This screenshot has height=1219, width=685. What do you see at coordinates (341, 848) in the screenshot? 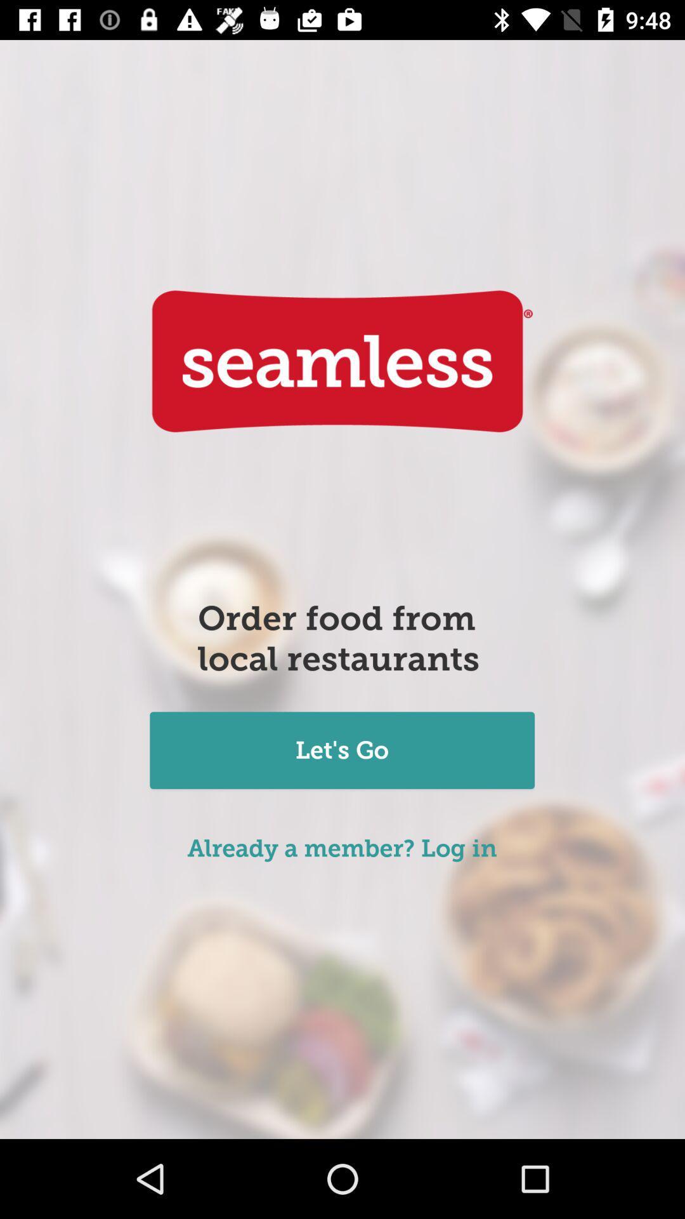
I see `already a member item` at bounding box center [341, 848].